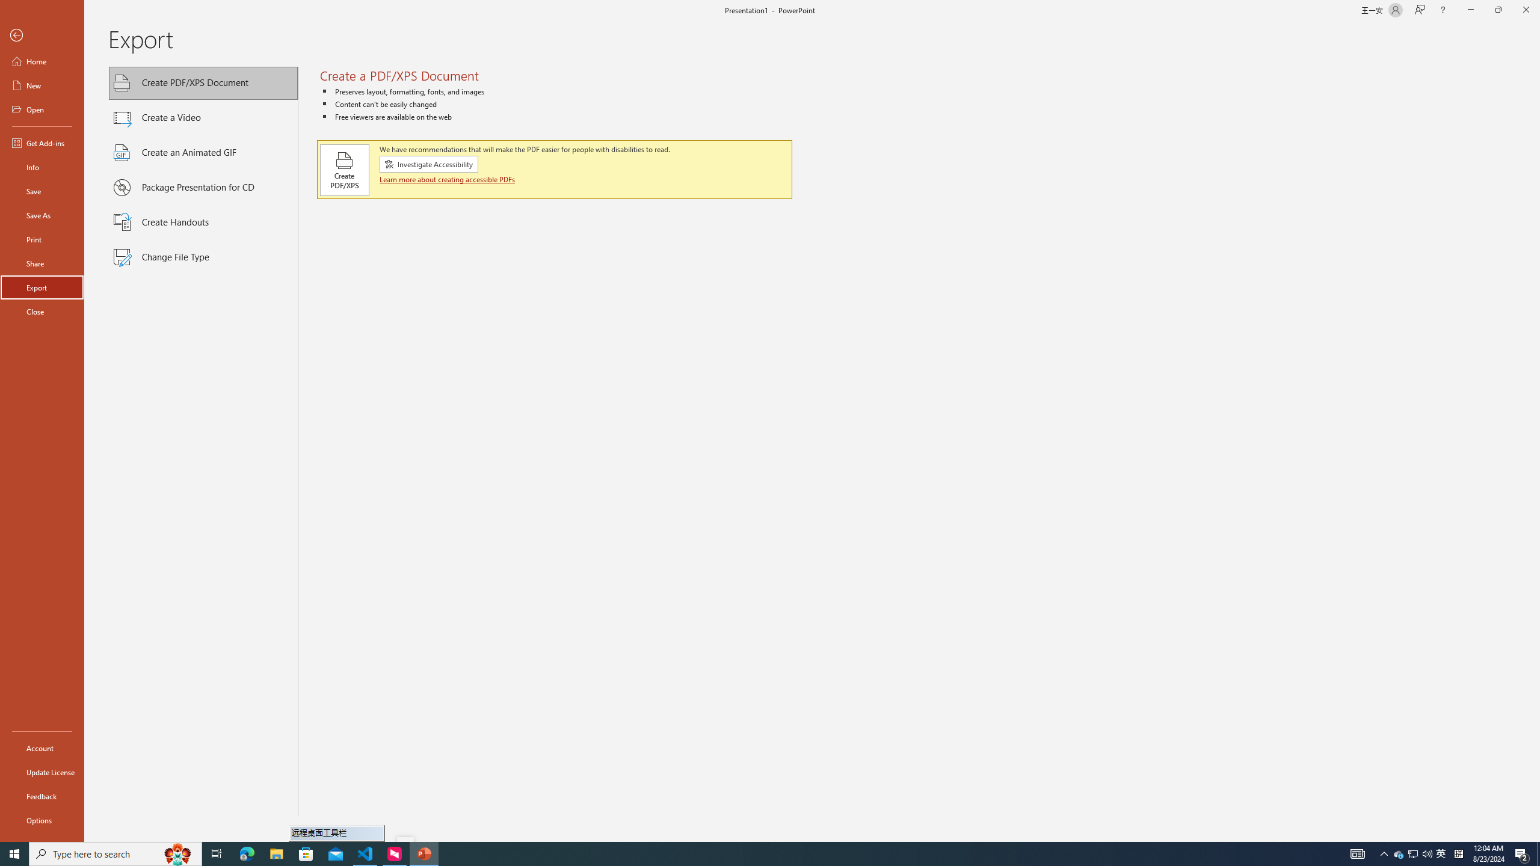 This screenshot has height=866, width=1540. Describe the element at coordinates (428, 163) in the screenshot. I see `'Investigate Accessibility'` at that location.